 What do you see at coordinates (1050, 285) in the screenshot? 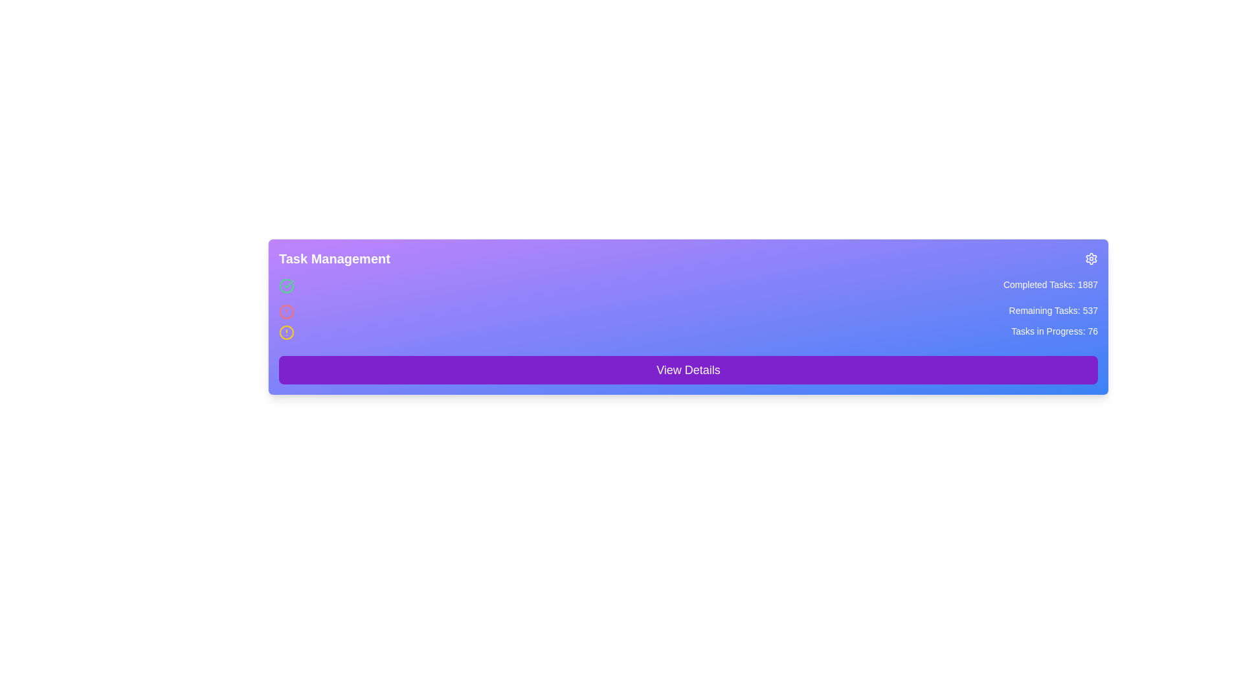
I see `the text label displaying 'Completed Tasks: 1887' located at the top-right section of the interface on a gradient purple background` at bounding box center [1050, 285].